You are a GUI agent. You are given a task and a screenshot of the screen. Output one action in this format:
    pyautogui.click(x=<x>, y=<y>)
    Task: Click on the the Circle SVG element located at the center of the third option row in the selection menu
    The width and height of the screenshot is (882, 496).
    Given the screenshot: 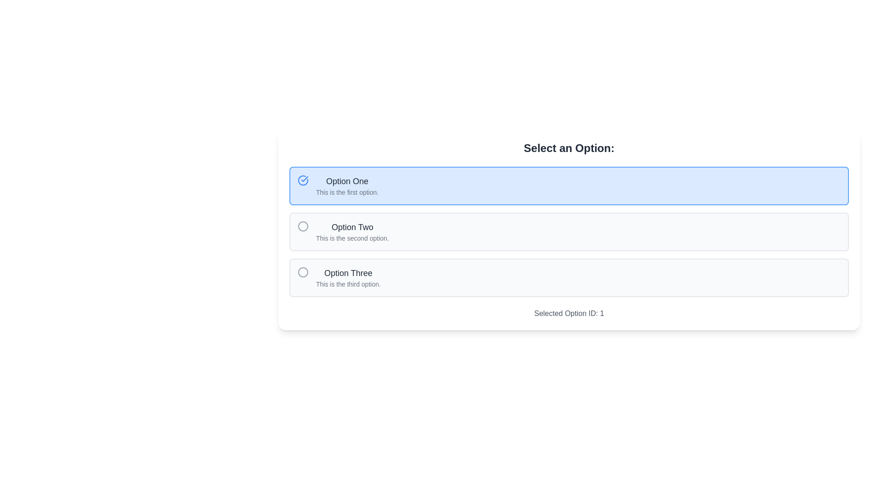 What is the action you would take?
    pyautogui.click(x=303, y=272)
    